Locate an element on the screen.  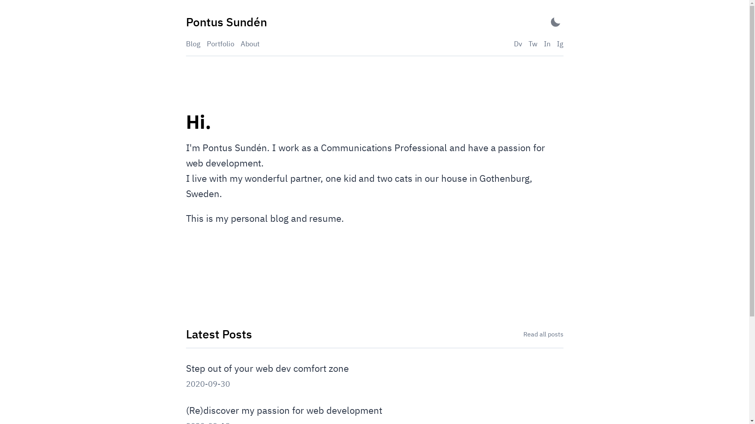
'Activate Dark Mode' is located at coordinates (554, 22).